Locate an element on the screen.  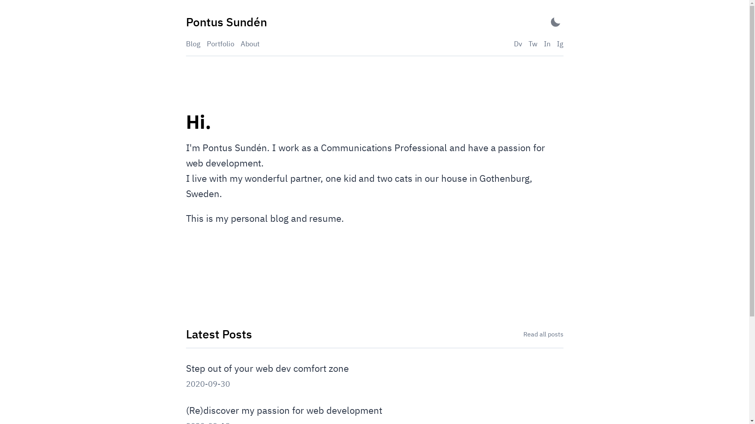
'Activate Dark Mode' is located at coordinates (554, 22).